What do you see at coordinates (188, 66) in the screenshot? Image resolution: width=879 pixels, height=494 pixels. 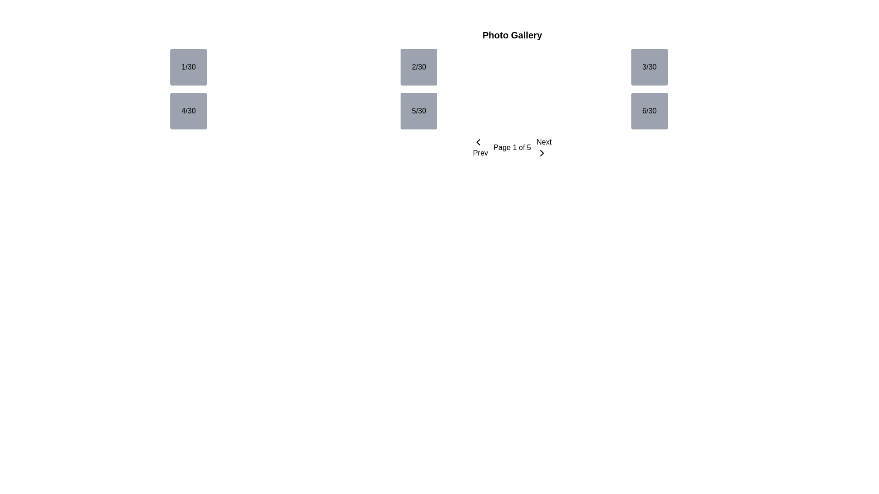 I see `the Static Information Box displaying '1/30' with a gray background and rounded corners, located in the top-left corner of the grid layout` at bounding box center [188, 66].